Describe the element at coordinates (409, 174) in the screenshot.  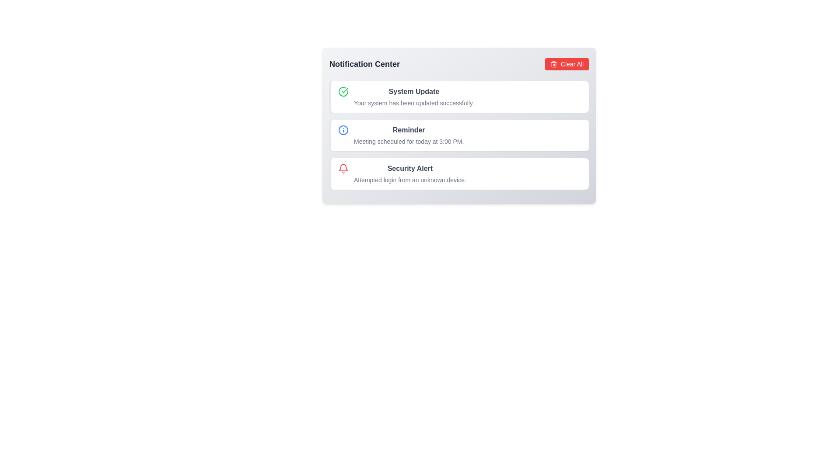
I see `the text-based informational message about a security-related notification located in the third notification box of the notification center interface` at that location.